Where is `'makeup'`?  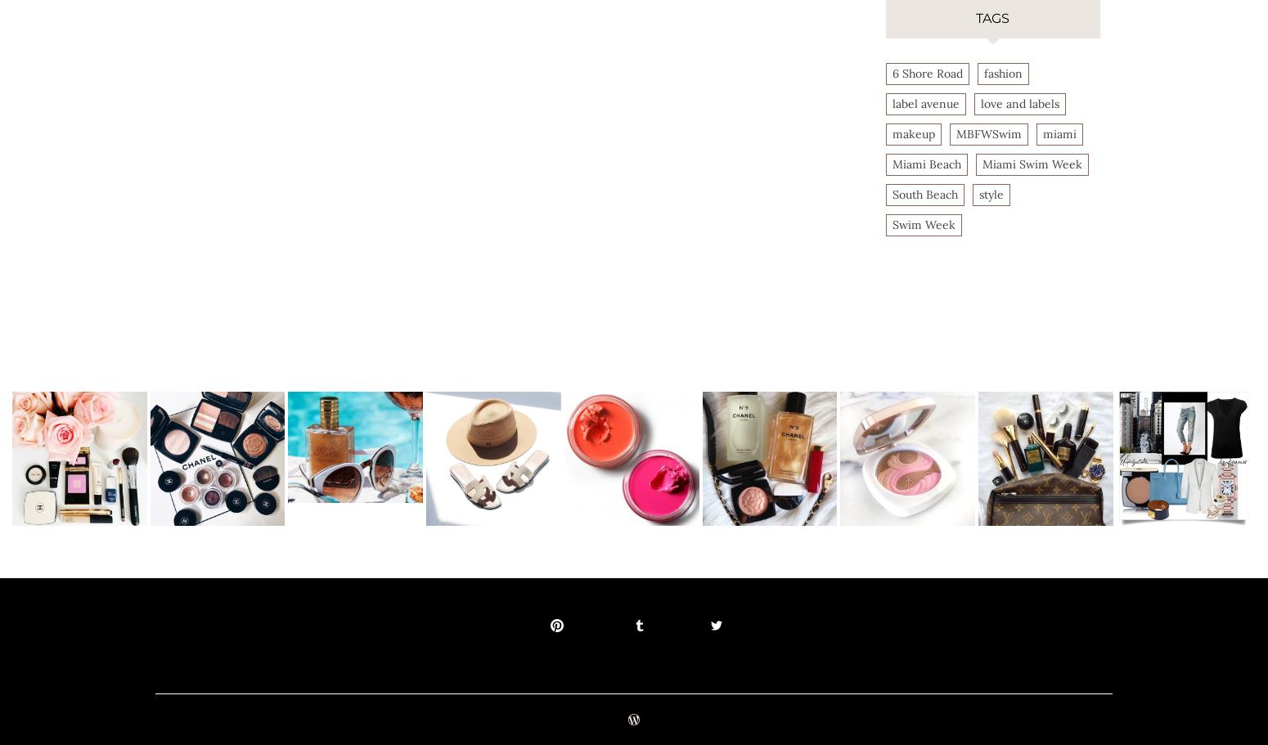 'makeup' is located at coordinates (912, 132).